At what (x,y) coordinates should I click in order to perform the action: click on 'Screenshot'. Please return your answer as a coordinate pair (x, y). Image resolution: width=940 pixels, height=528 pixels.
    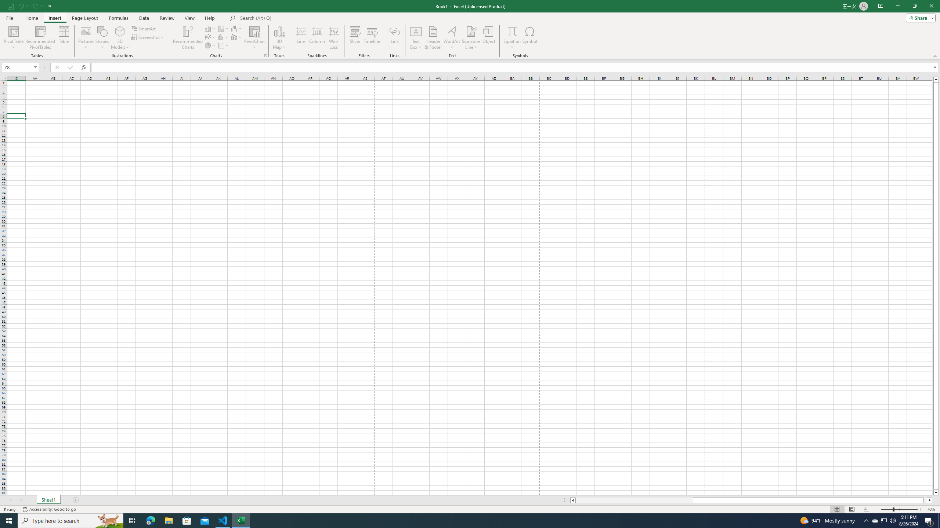
    Looking at the image, I should click on (148, 36).